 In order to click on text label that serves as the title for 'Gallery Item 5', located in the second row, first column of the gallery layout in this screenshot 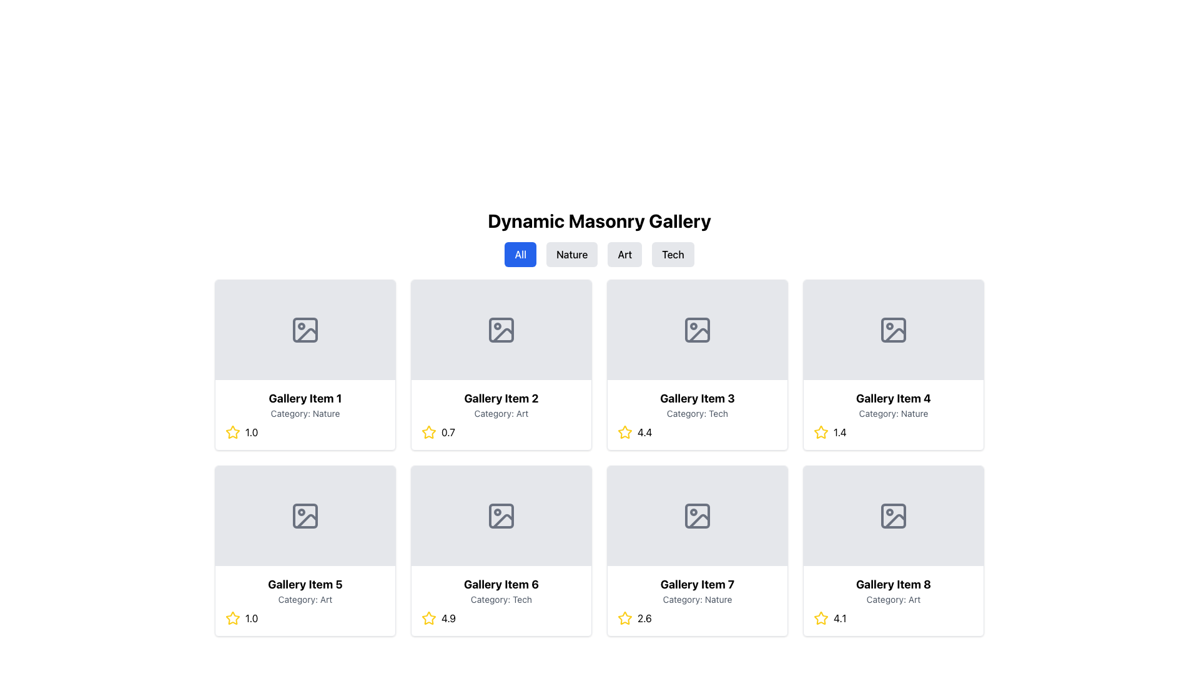, I will do `click(305, 585)`.